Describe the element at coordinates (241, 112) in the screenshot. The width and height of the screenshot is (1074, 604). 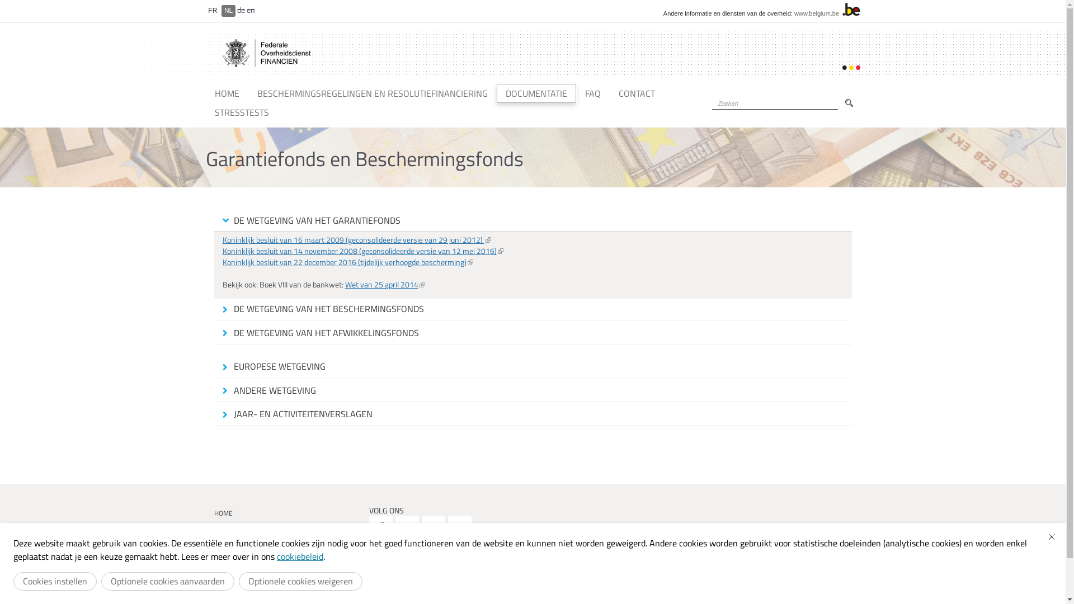
I see `'STRESSTESTS'` at that location.